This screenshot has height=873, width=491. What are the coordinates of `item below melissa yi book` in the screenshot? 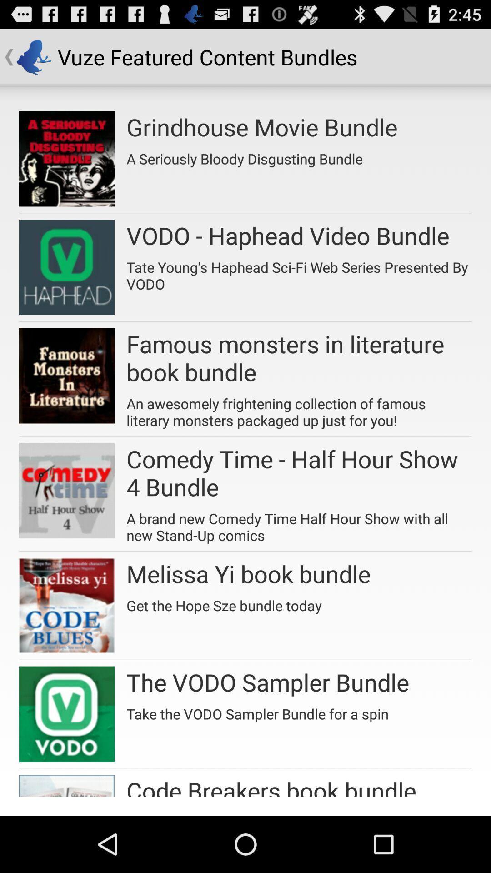 It's located at (224, 602).